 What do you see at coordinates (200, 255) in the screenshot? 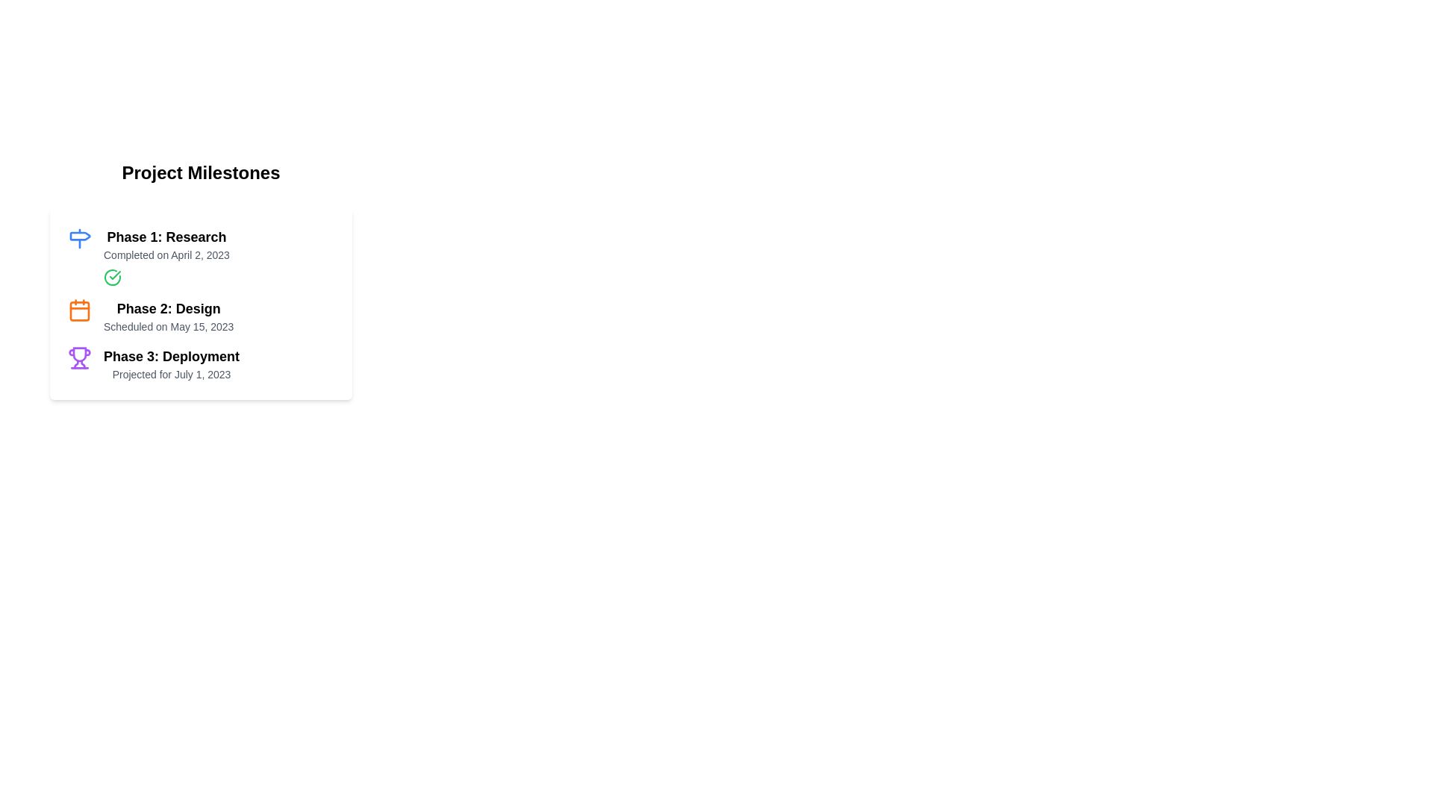
I see `the milestone titled 'Phase 1: Research'` at bounding box center [200, 255].